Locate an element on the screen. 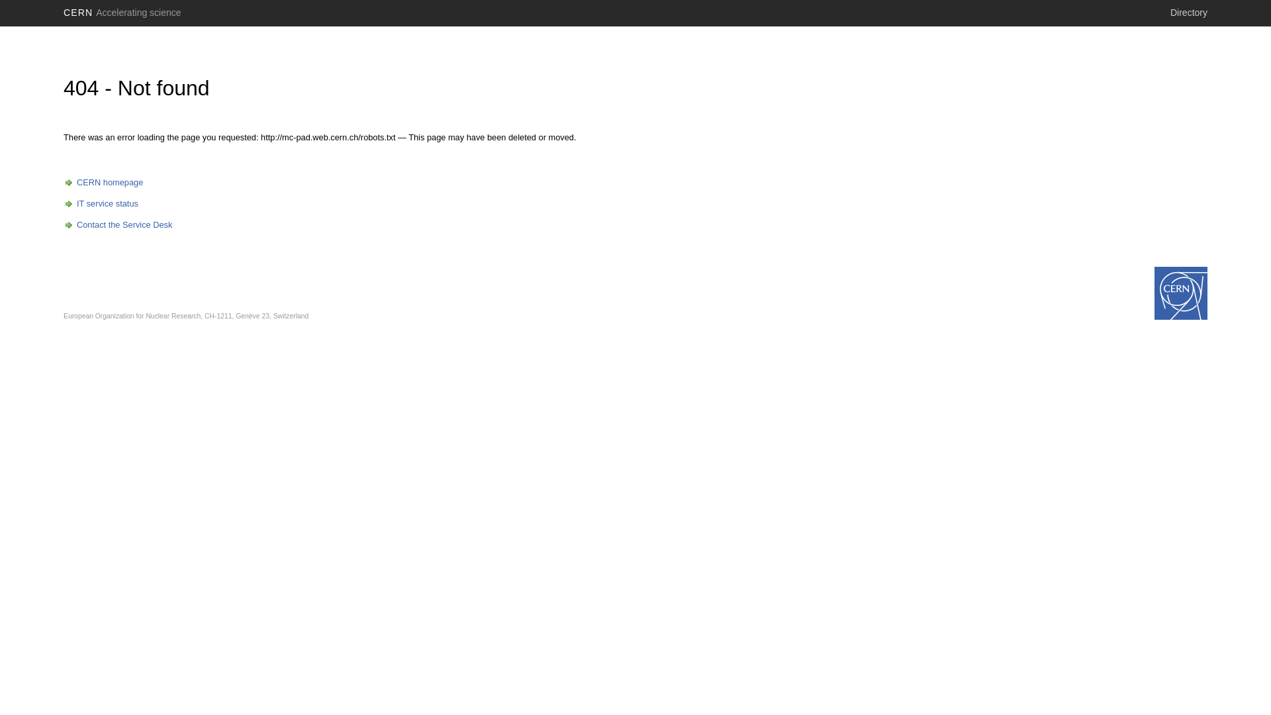  'CERN homepage' is located at coordinates (63, 182).